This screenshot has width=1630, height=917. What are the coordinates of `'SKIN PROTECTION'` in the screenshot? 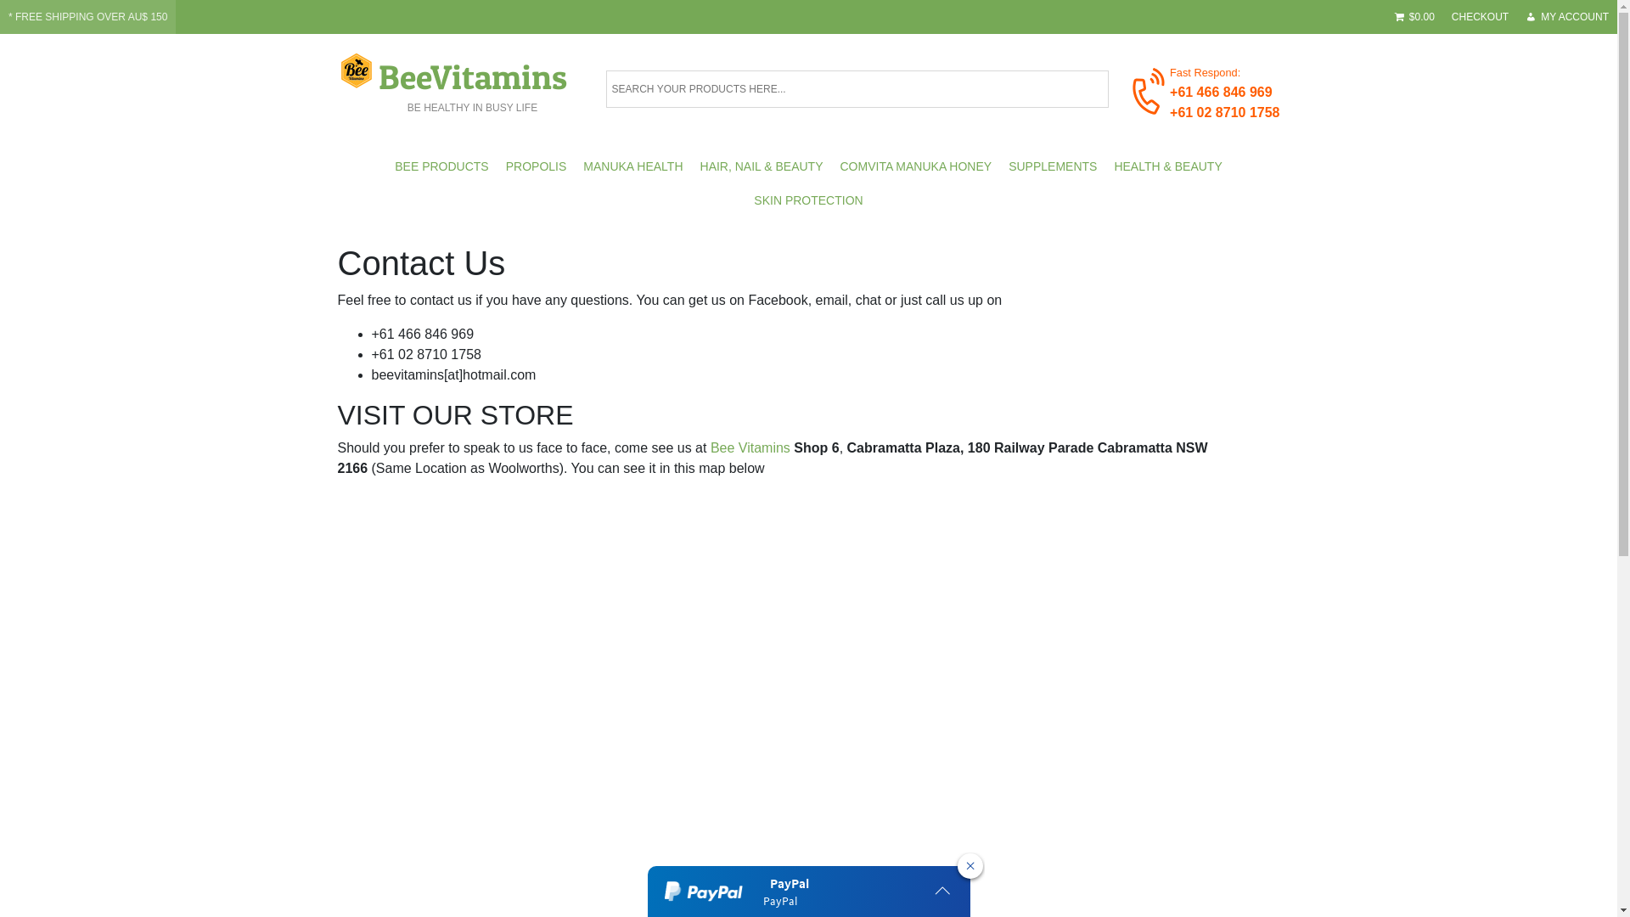 It's located at (807, 199).